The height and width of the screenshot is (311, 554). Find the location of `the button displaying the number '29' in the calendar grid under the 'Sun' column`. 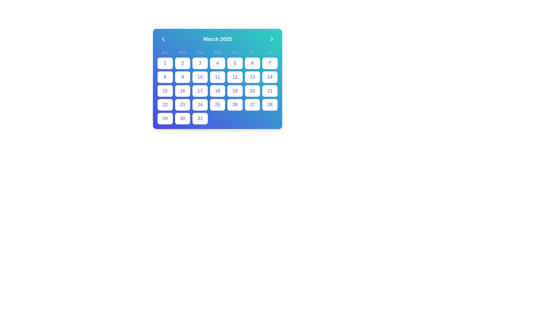

the button displaying the number '29' in the calendar grid under the 'Sun' column is located at coordinates (165, 118).